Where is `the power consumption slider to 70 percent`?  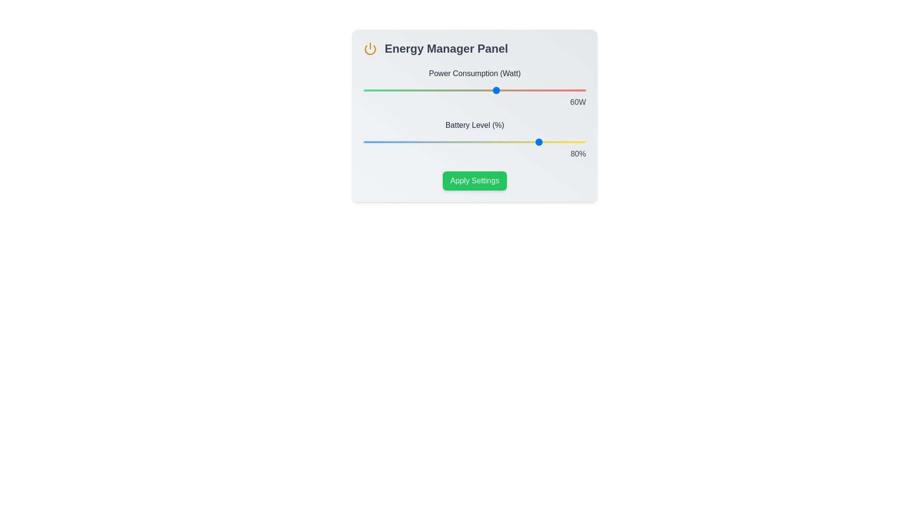
the power consumption slider to 70 percent is located at coordinates (518, 90).